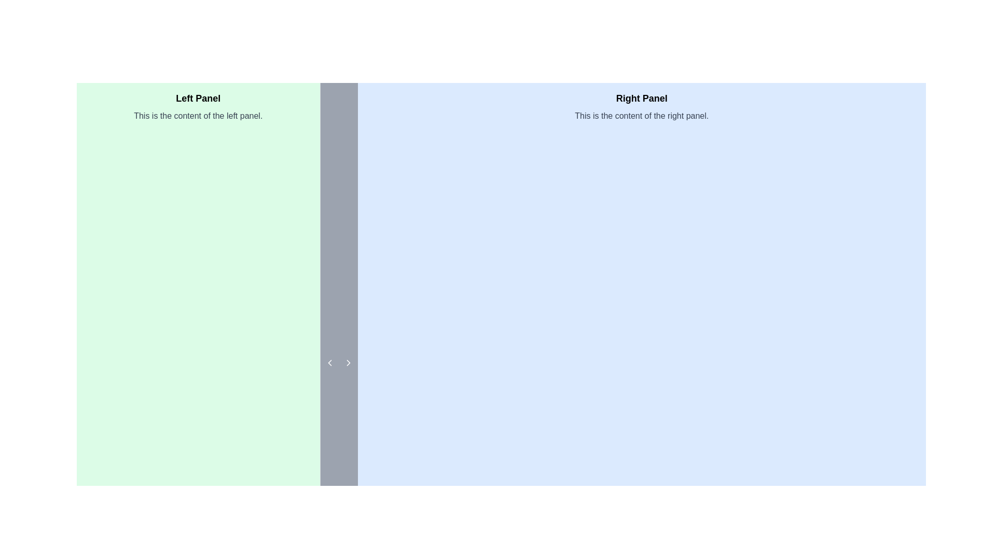 The image size is (996, 560). I want to click on the right-pointing chevron icon button, which serves as a navigation control allowing users to slide to the right panel, so click(348, 362).